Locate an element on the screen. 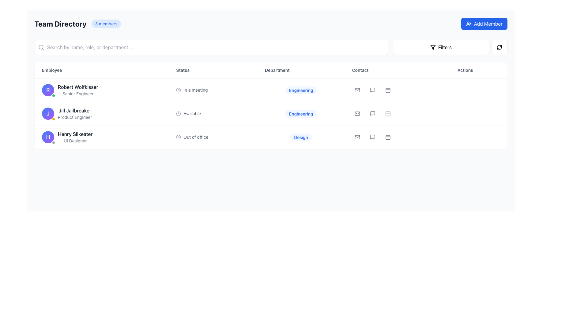  the circular avatar icon with a gradient background transitioning from blue to purple, featuring a white uppercase 'R', located next to 'Robert Wolfkisser Senior Engineer' is located at coordinates (48, 90).